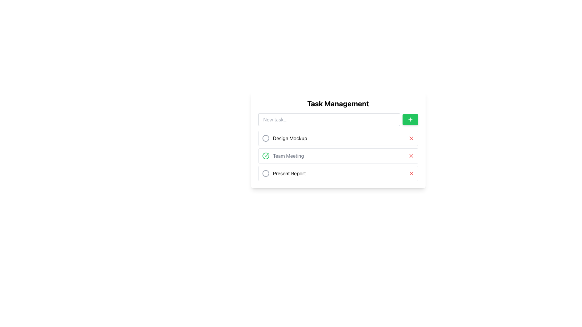 This screenshot has height=327, width=582. Describe the element at coordinates (410, 119) in the screenshot. I see `the plus sign icon embedded within the green button` at that location.